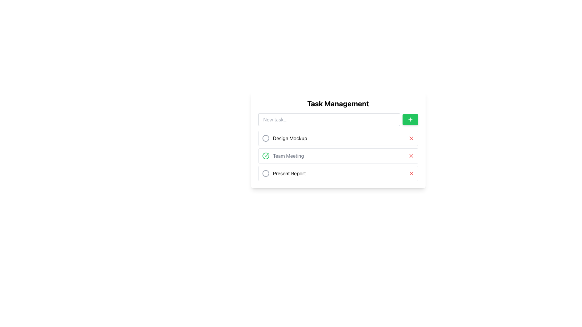 This screenshot has height=327, width=582. Describe the element at coordinates (410, 119) in the screenshot. I see `the plus sign icon embedded within the green button` at that location.